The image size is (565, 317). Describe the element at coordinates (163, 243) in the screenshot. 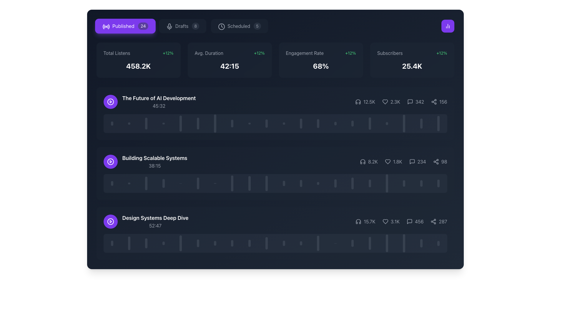

I see `details for the fourth vertical oval progress marker located below the 'Design Systems Deep Dive' section` at that location.